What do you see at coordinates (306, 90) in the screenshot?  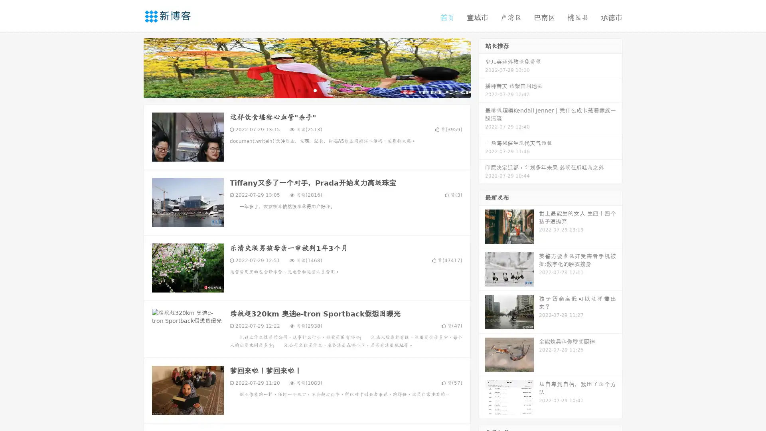 I see `Go to slide 2` at bounding box center [306, 90].